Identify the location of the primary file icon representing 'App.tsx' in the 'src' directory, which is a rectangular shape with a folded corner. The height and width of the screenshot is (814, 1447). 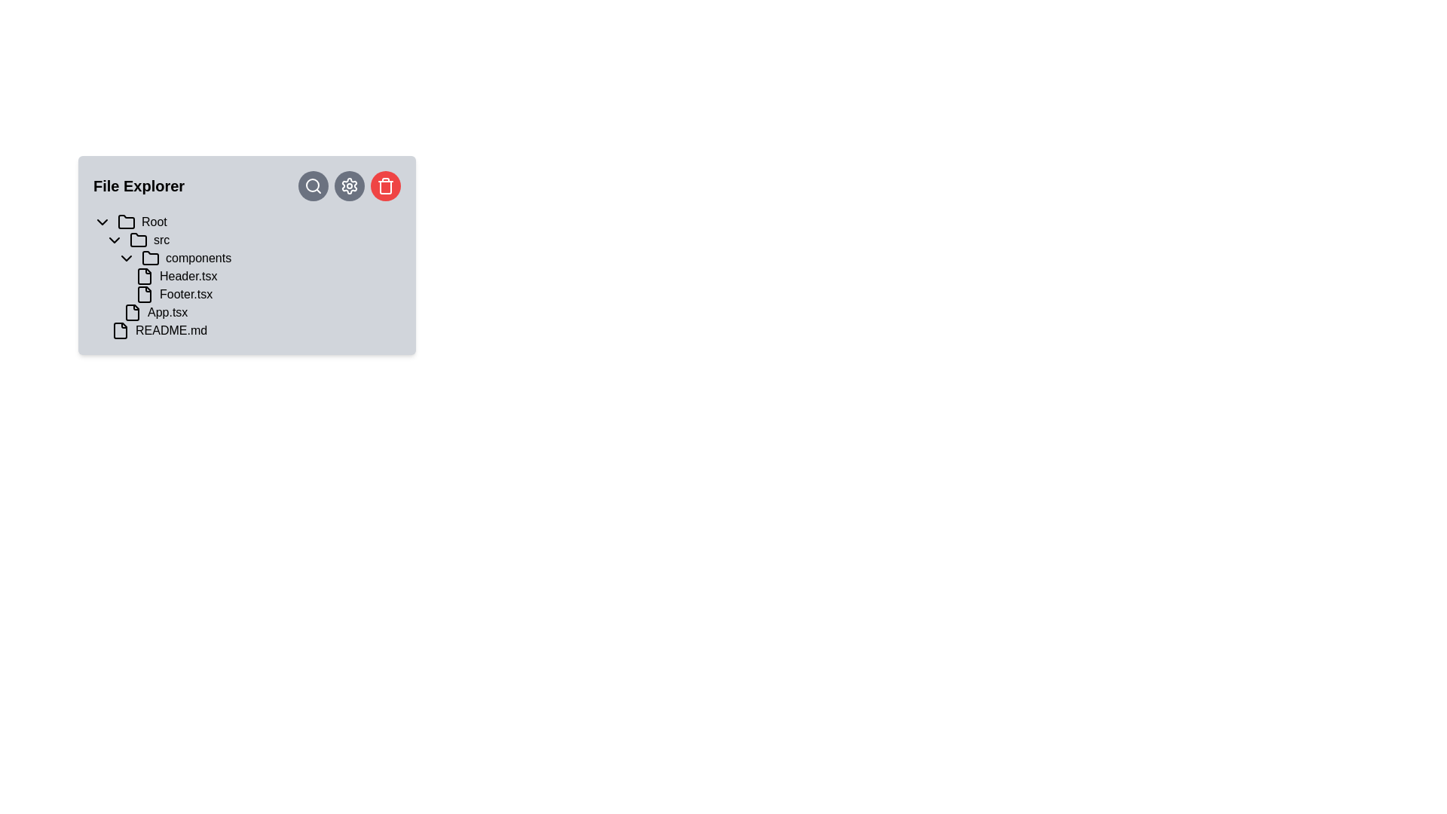
(133, 312).